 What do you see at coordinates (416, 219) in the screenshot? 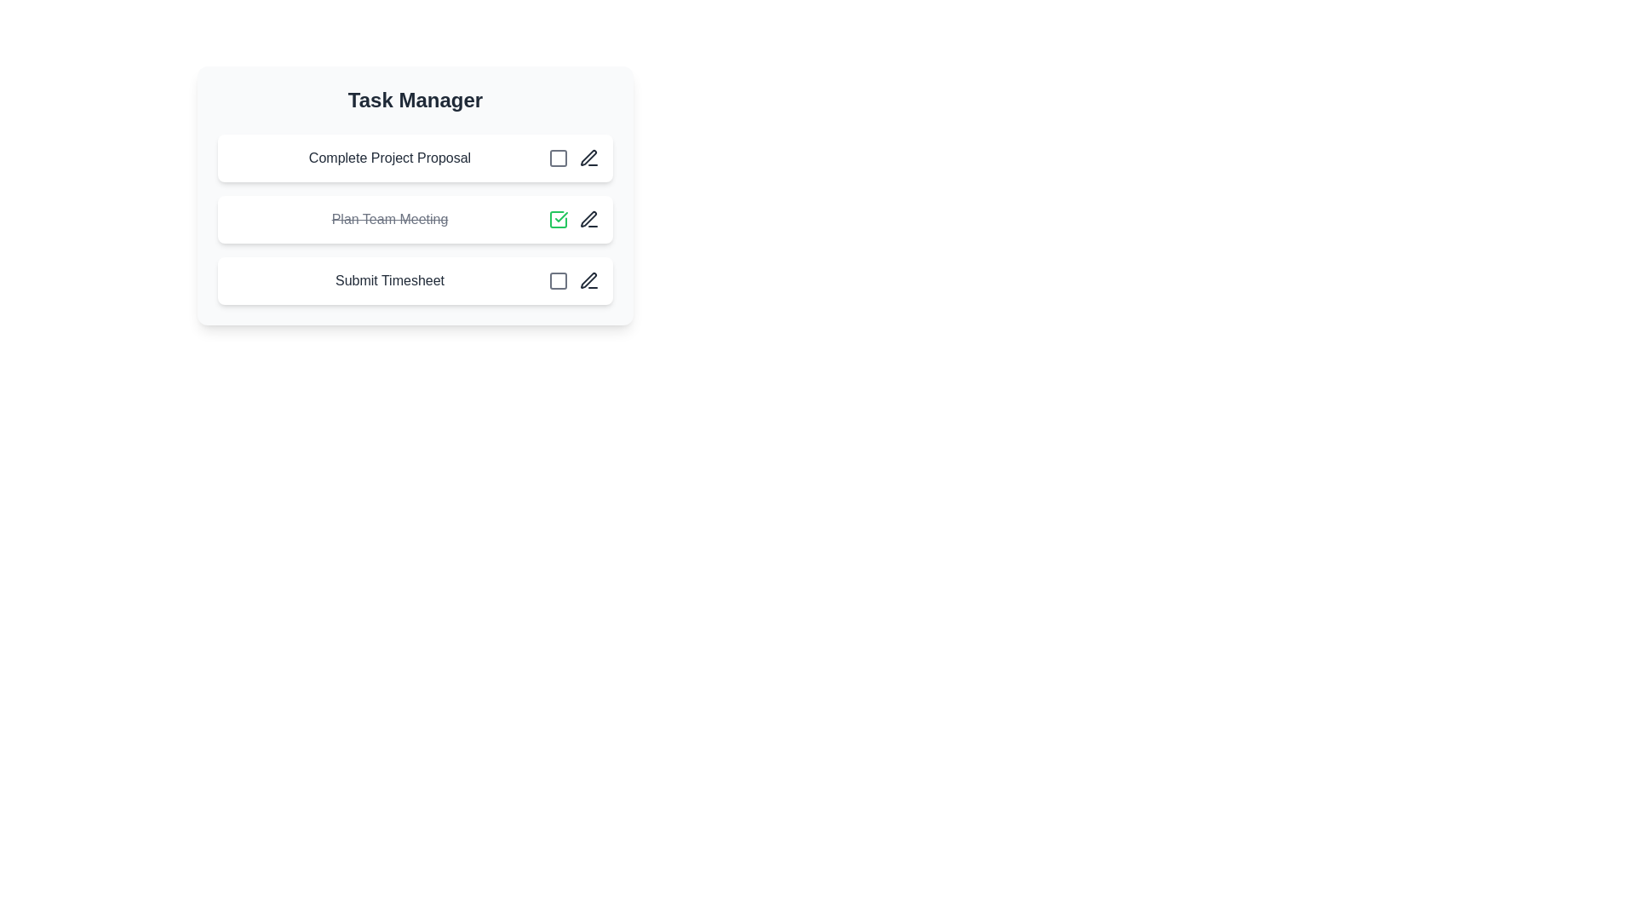
I see `the second task item labeled 'Plan Team Meeting' in the 'Task Manager' section of the task list interface` at bounding box center [416, 219].